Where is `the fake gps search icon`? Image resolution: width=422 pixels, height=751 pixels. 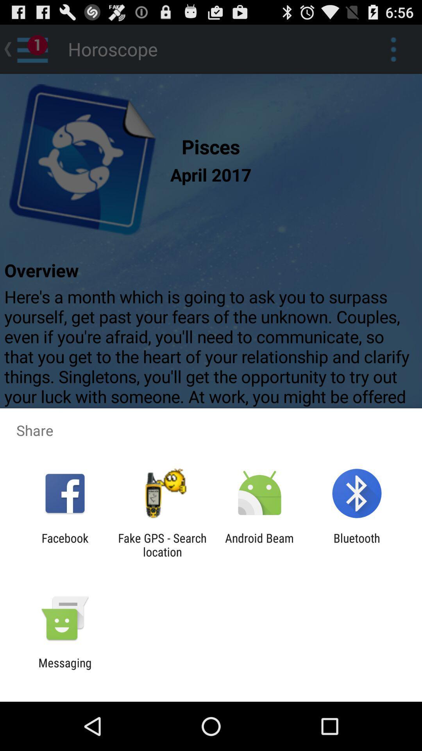 the fake gps search icon is located at coordinates (162, 544).